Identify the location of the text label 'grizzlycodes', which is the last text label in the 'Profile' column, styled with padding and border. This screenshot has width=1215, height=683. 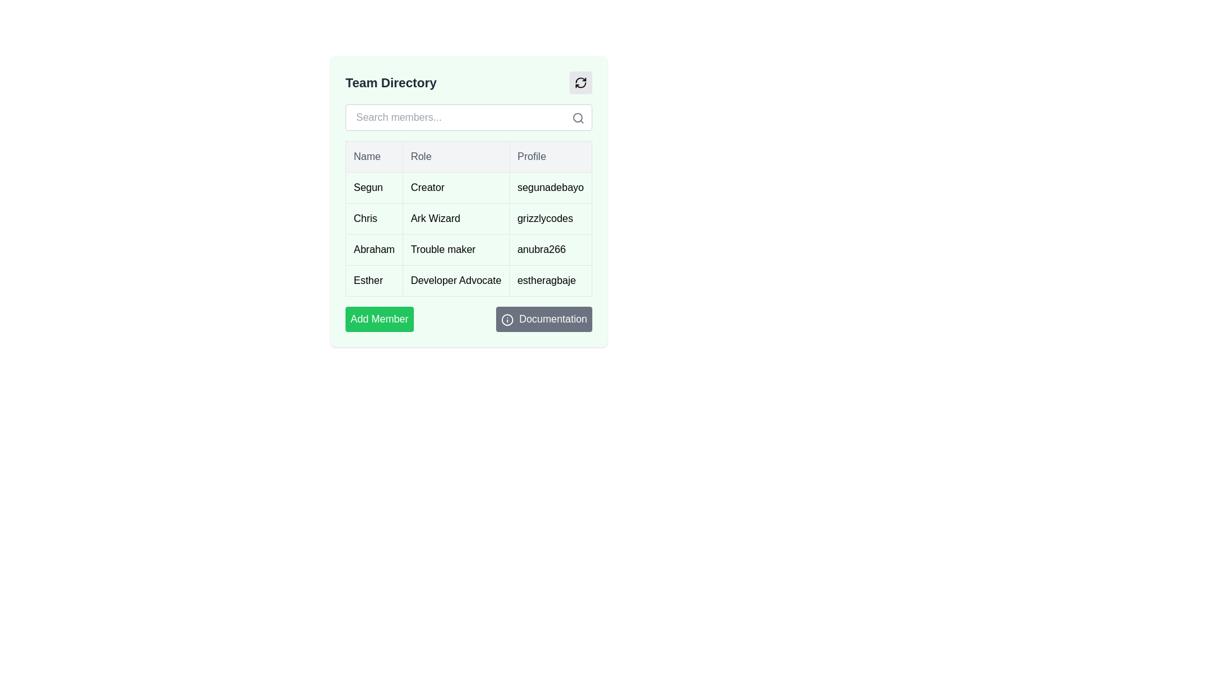
(551, 218).